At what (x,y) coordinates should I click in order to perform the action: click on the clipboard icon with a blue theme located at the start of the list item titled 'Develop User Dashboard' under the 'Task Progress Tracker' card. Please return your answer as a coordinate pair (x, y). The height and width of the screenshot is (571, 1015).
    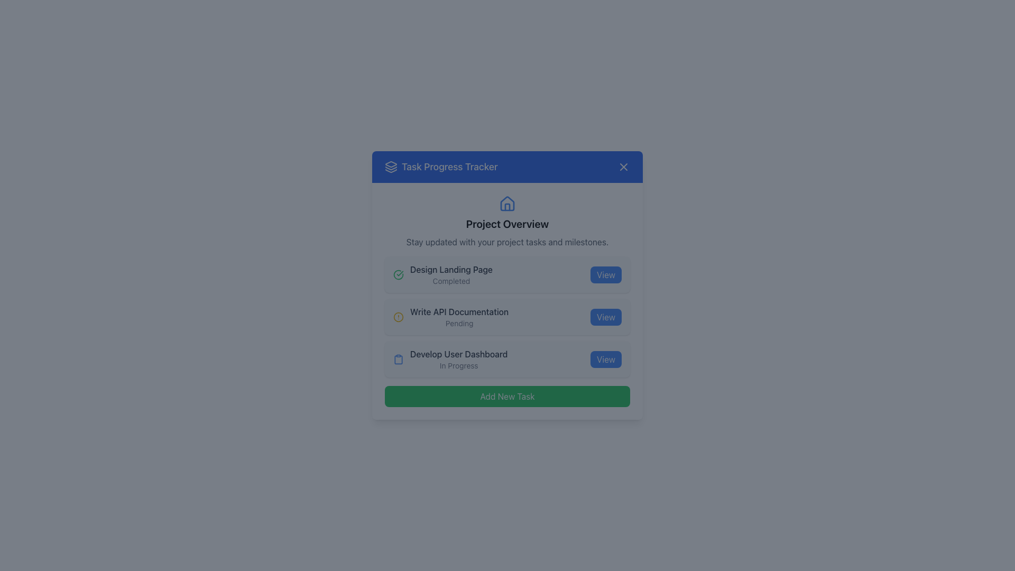
    Looking at the image, I should click on (398, 358).